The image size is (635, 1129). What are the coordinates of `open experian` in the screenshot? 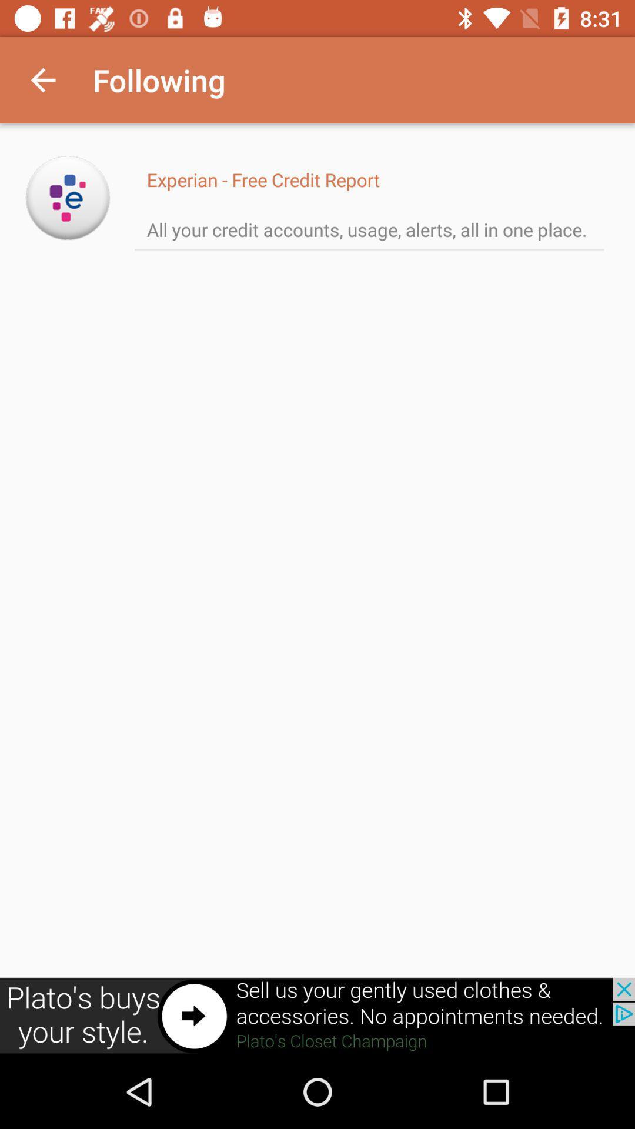 It's located at (68, 198).